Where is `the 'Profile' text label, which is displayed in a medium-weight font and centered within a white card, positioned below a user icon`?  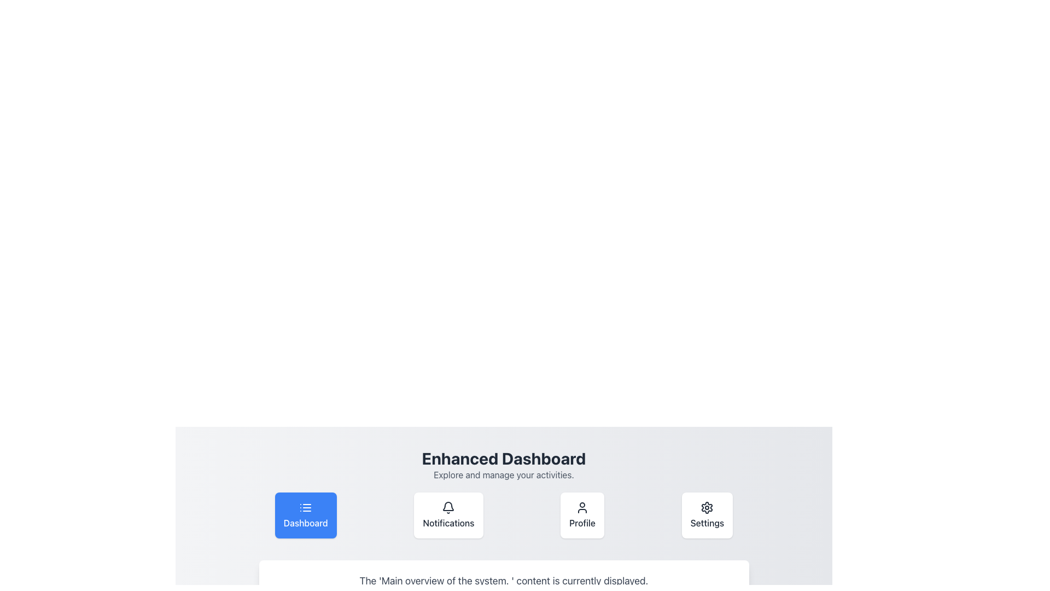 the 'Profile' text label, which is displayed in a medium-weight font and centered within a white card, positioned below a user icon is located at coordinates (582, 523).